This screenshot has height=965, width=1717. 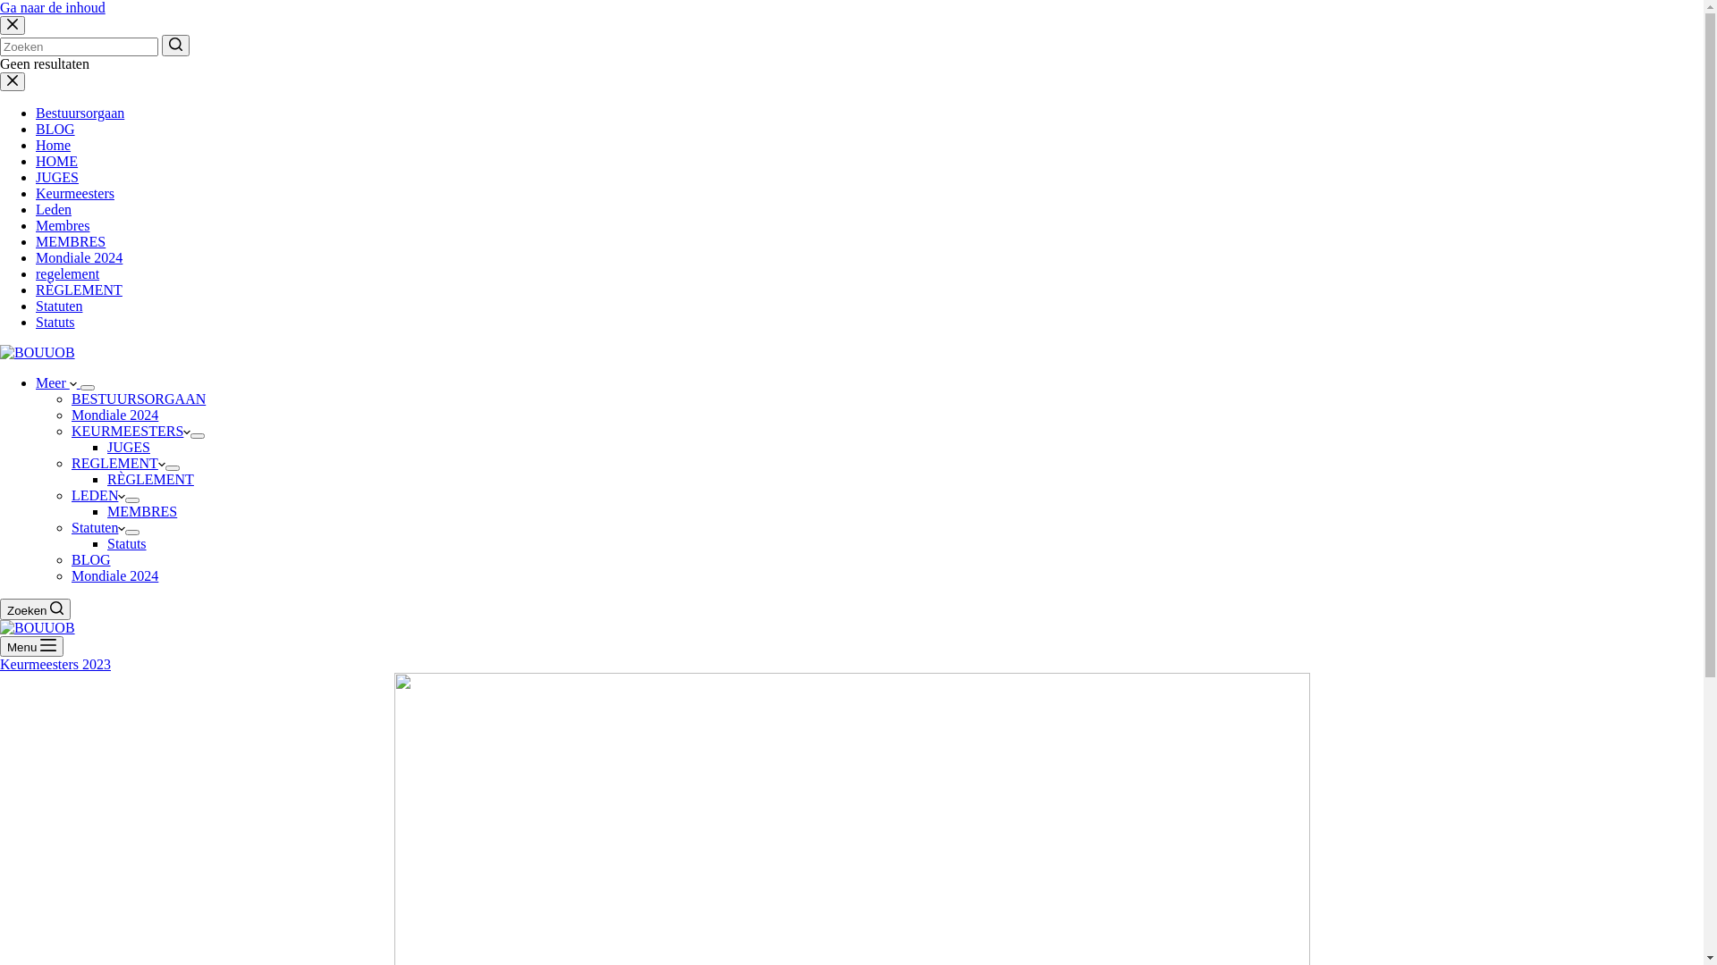 What do you see at coordinates (31, 646) in the screenshot?
I see `'Menu'` at bounding box center [31, 646].